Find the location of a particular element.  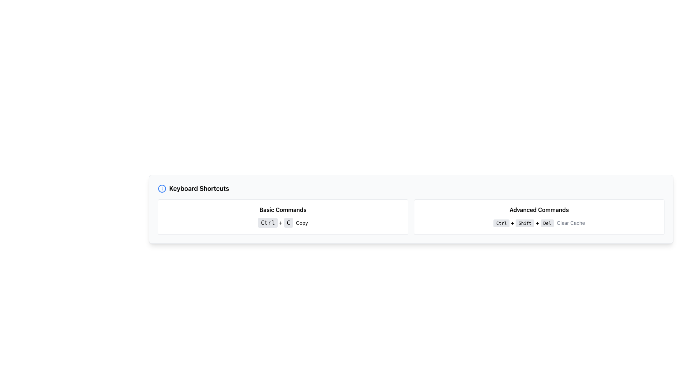

text of the button-like UI element labeled 'Del' which is located in the 'Advanced Commands' section, following the 'Ctrl' and 'Shift' labels is located at coordinates (547, 223).